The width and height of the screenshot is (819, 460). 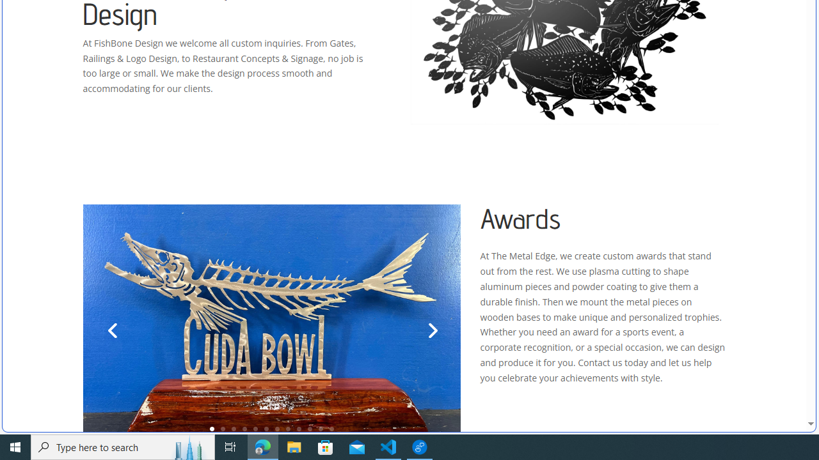 What do you see at coordinates (310, 429) in the screenshot?
I see `'10'` at bounding box center [310, 429].